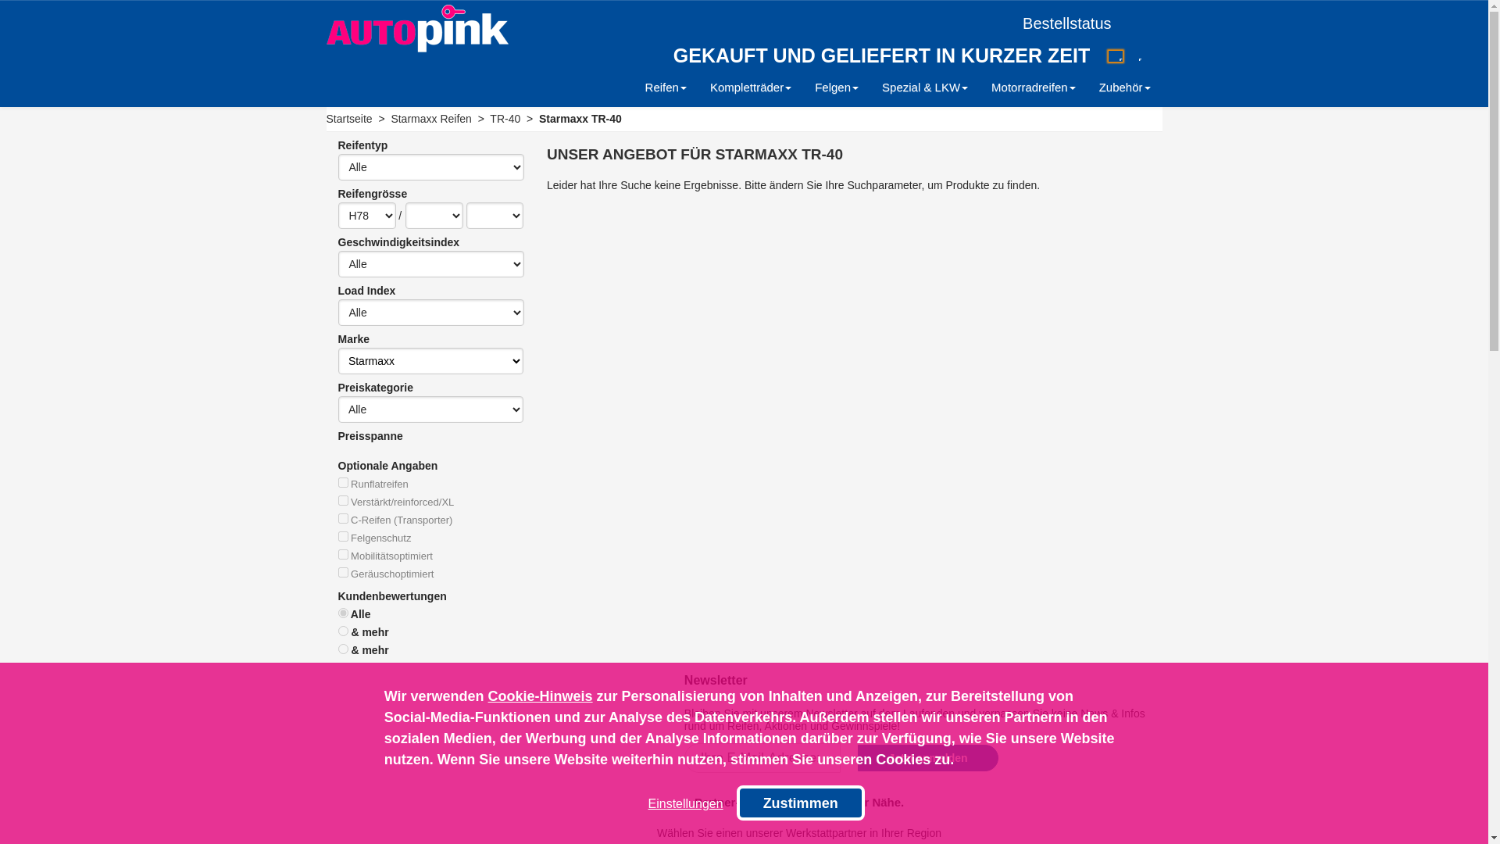 The image size is (1500, 844). What do you see at coordinates (835, 87) in the screenshot?
I see `'Felgen'` at bounding box center [835, 87].